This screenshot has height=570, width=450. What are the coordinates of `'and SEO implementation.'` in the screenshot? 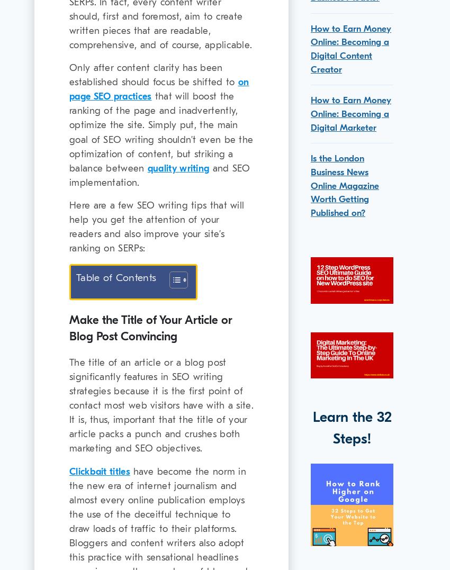 It's located at (159, 175).